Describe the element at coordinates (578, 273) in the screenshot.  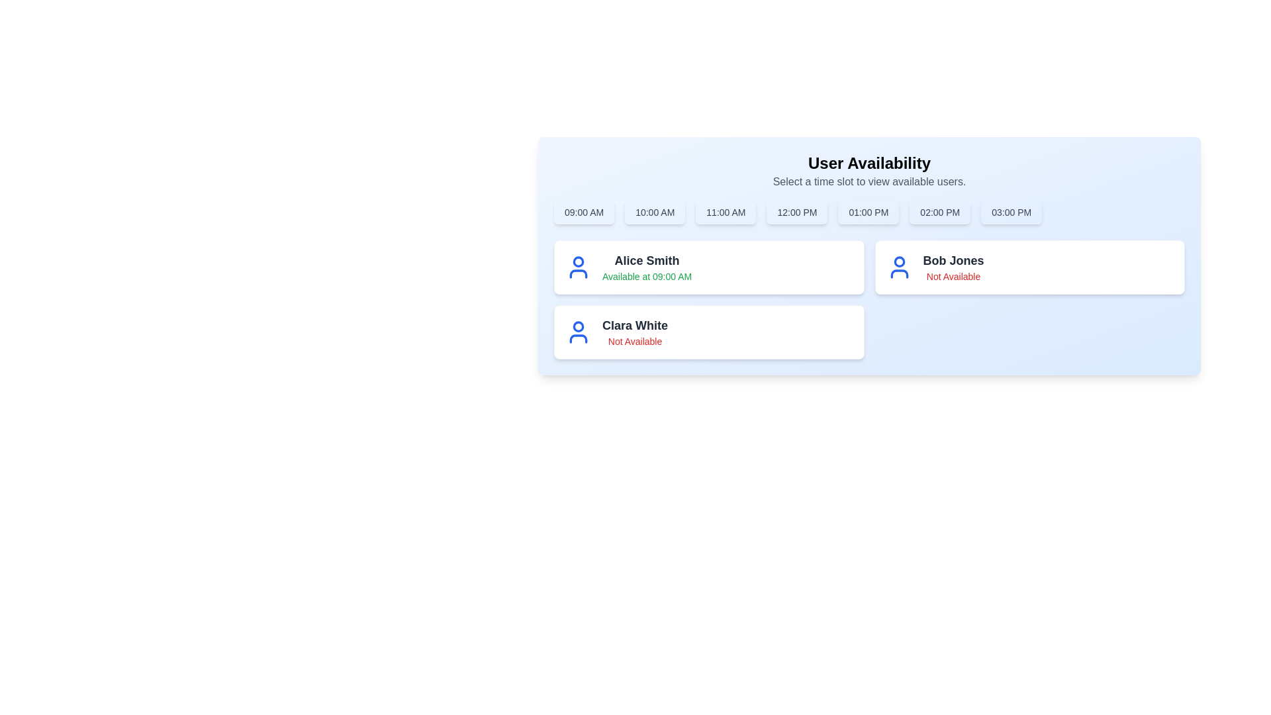
I see `the bottom arc of the user profile icon representing Clara White's shoulders or body outline, located in the User Availability section` at that location.